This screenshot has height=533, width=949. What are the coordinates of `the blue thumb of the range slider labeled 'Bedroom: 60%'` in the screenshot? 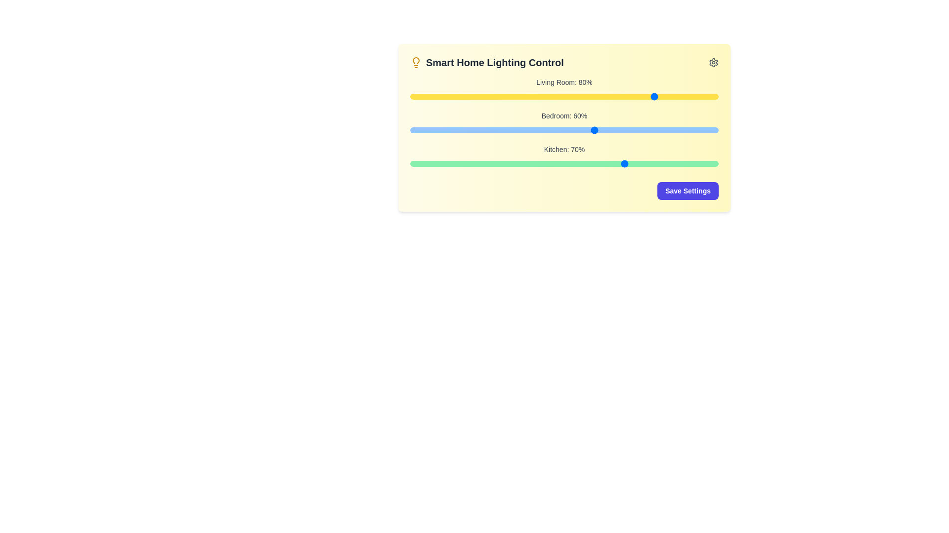 It's located at (564, 123).